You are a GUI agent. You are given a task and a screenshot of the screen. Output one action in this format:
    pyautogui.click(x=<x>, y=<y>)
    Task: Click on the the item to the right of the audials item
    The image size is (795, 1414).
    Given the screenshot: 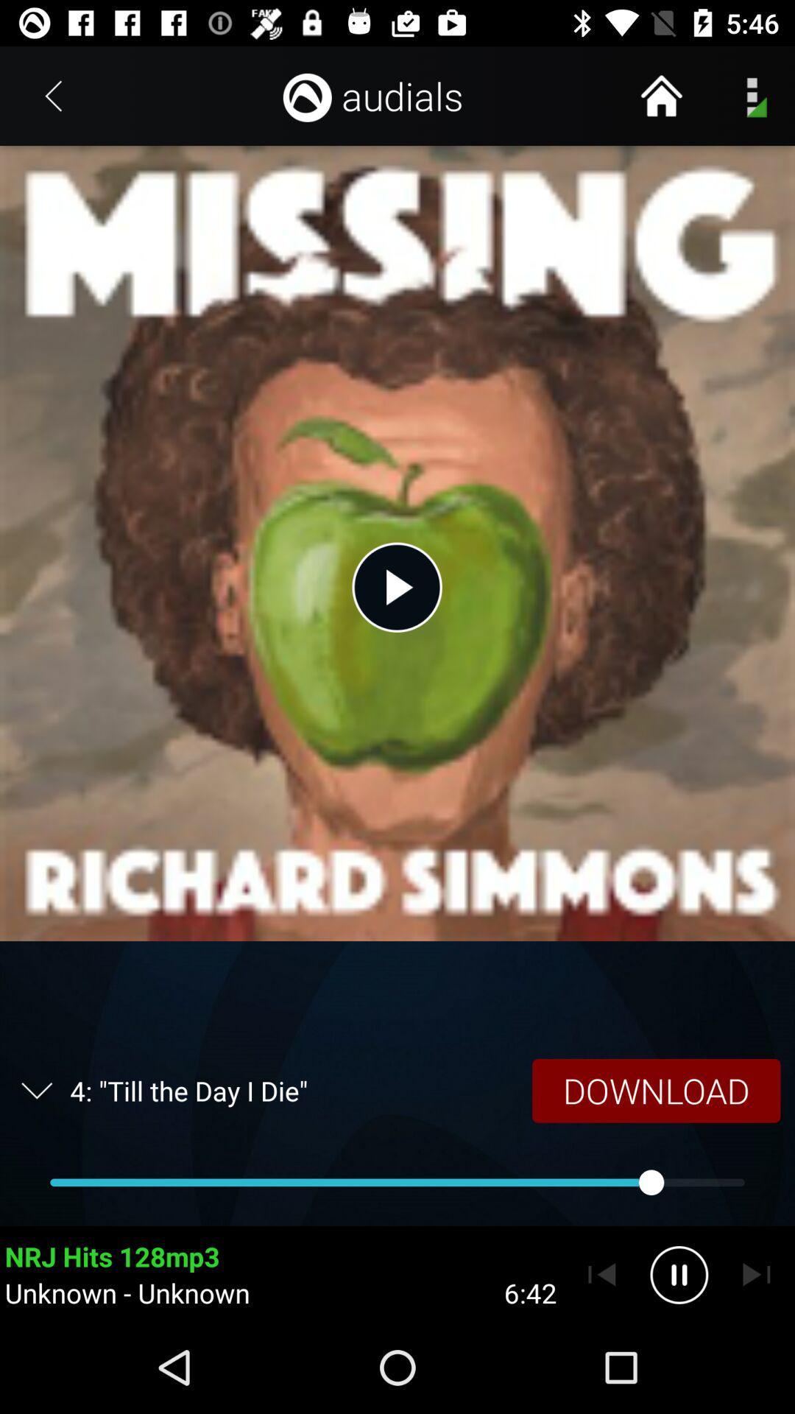 What is the action you would take?
    pyautogui.click(x=660, y=95)
    